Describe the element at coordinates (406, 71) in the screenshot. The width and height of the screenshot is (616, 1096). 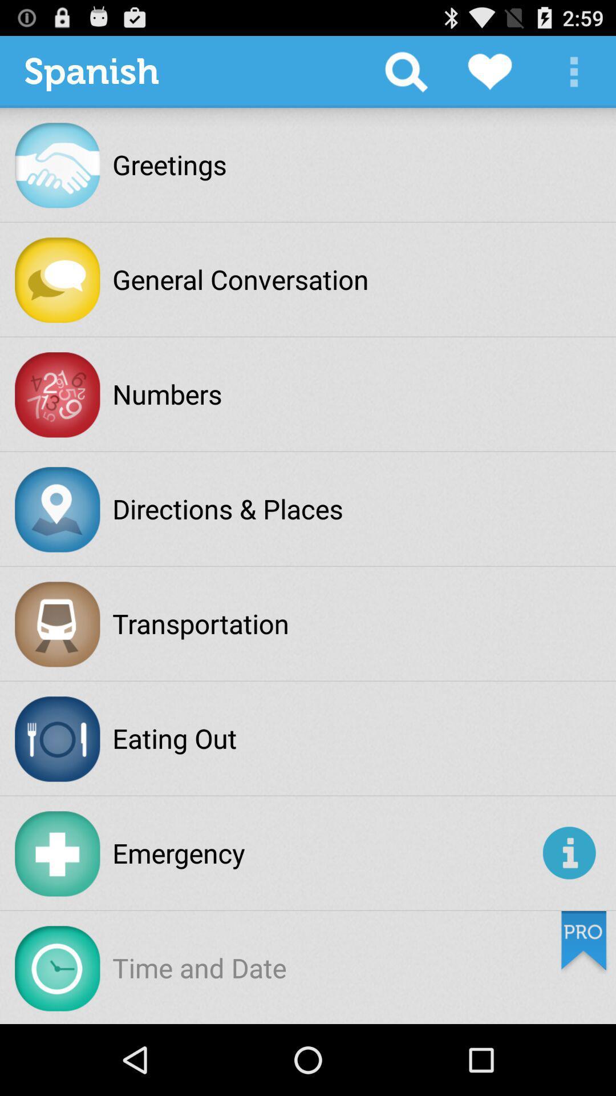
I see `the item next to the spanish app` at that location.